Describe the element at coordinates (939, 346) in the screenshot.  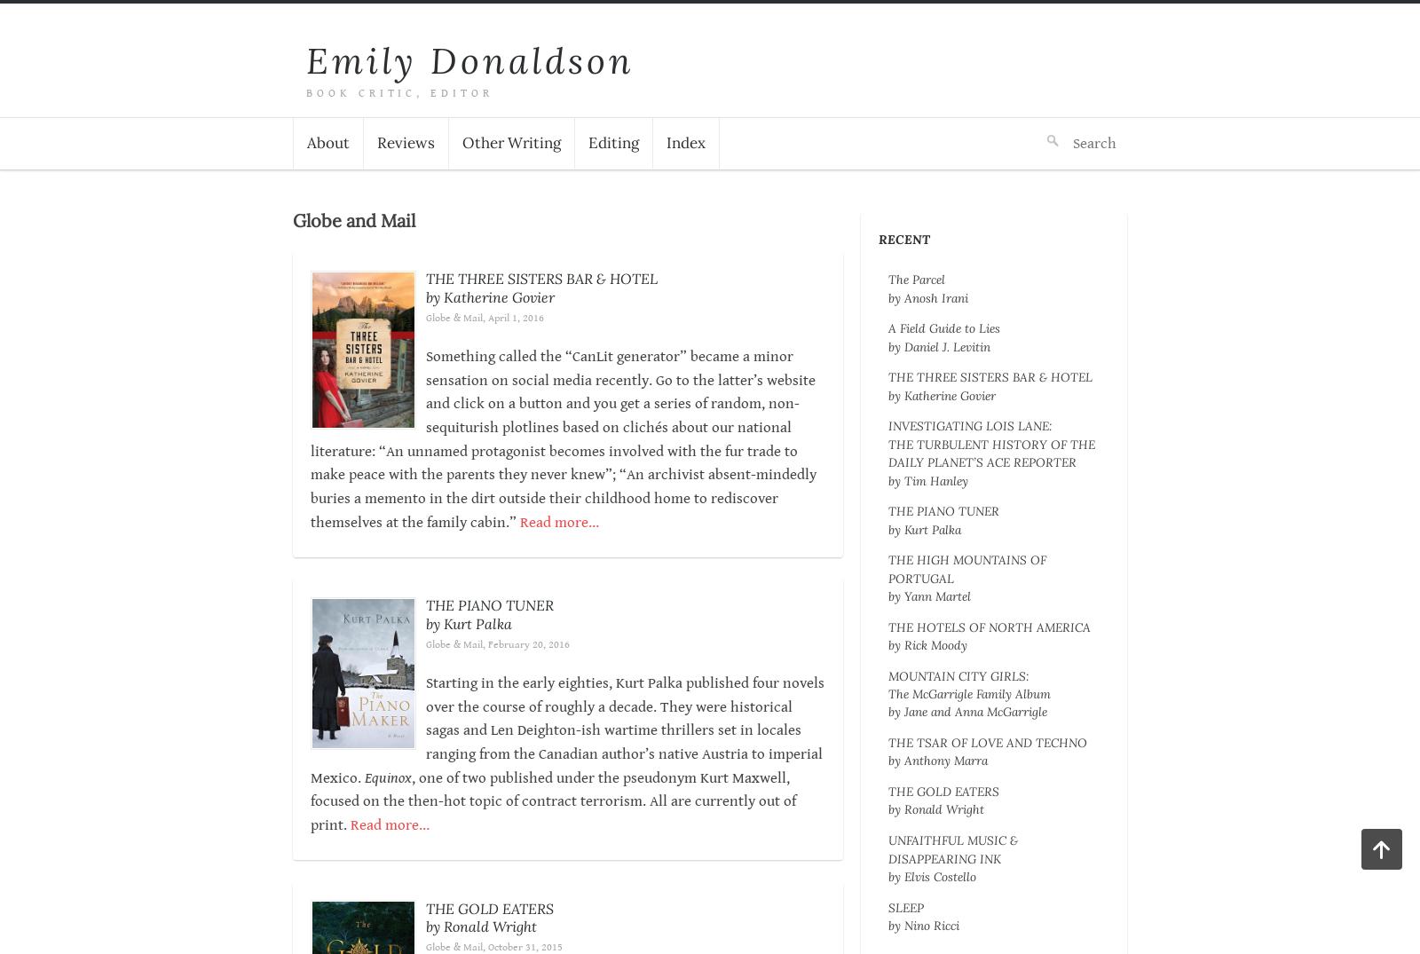
I see `'by Daniel J. Levitin'` at that location.